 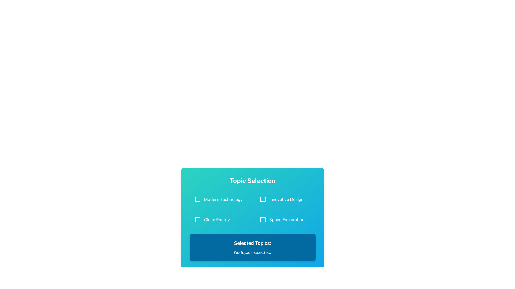 I want to click on the interactive card with checkboxes and information display, located in the lower middle section of the interface, so click(x=252, y=214).